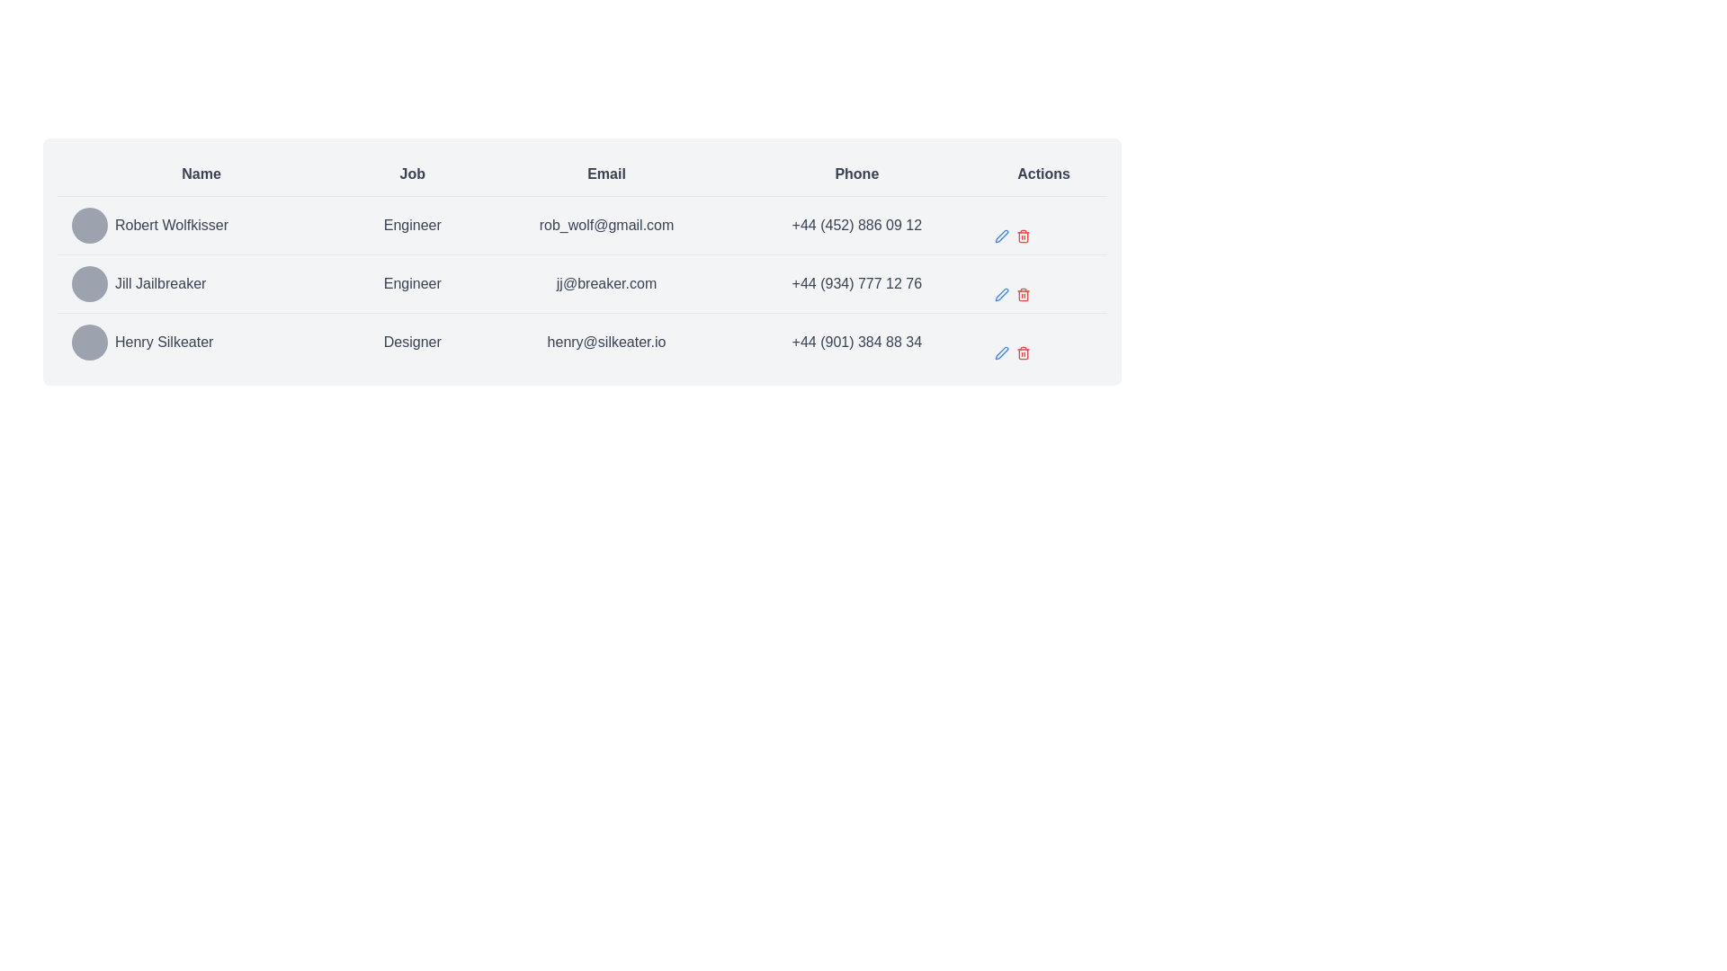  What do you see at coordinates (855, 224) in the screenshot?
I see `displayed phone number '+44 (452) 886 09 12' from the Text label in the 'Phone' column of the data table row for 'Robert Wolfkisser'` at bounding box center [855, 224].